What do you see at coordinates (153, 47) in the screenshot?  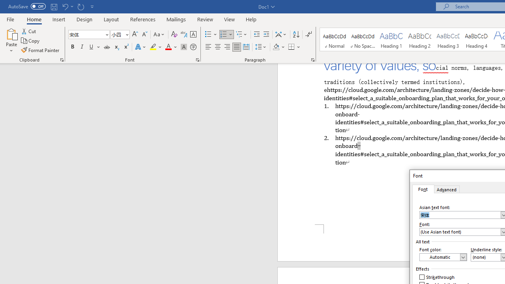 I see `'Text Highlight Color Yellow'` at bounding box center [153, 47].